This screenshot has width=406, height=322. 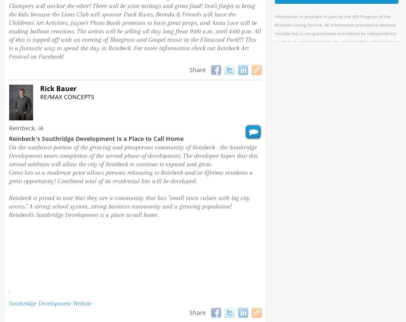 I want to click on 'Reinbeck, IA', so click(x=26, y=128).